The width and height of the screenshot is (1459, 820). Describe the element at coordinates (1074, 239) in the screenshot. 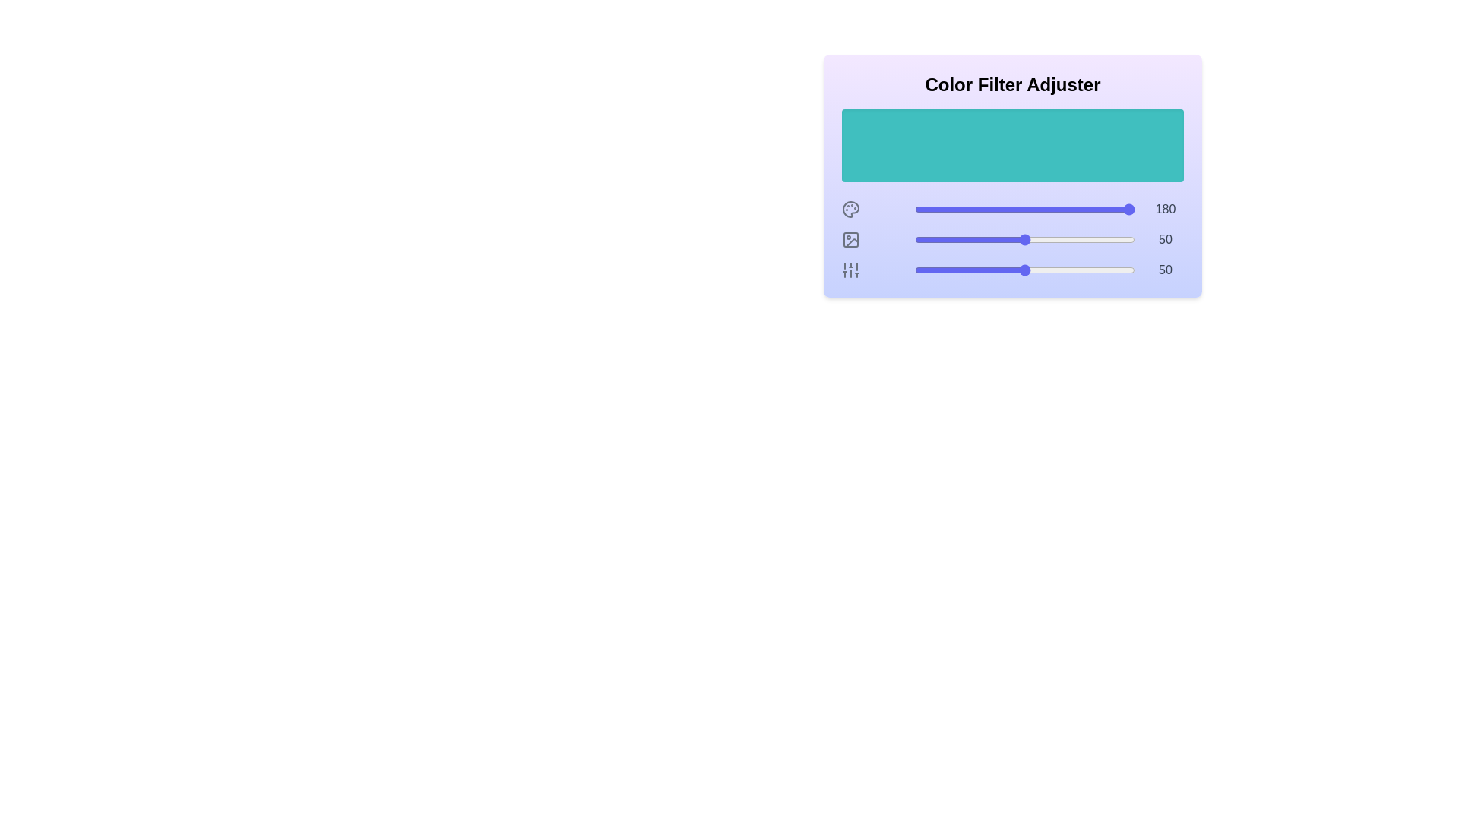

I see `the 1 slider to 73 to observe the color preview area` at that location.